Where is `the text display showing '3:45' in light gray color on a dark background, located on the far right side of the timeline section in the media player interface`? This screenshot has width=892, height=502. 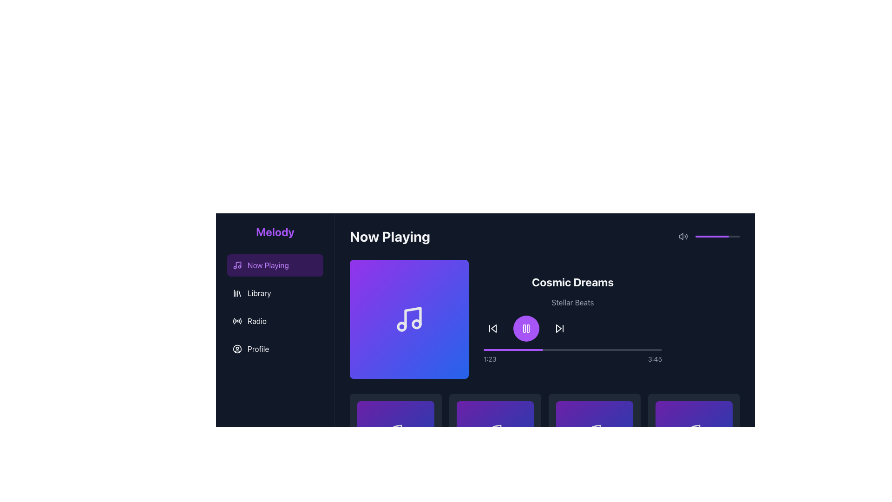
the text display showing '3:45' in light gray color on a dark background, located on the far right side of the timeline section in the media player interface is located at coordinates (655, 358).